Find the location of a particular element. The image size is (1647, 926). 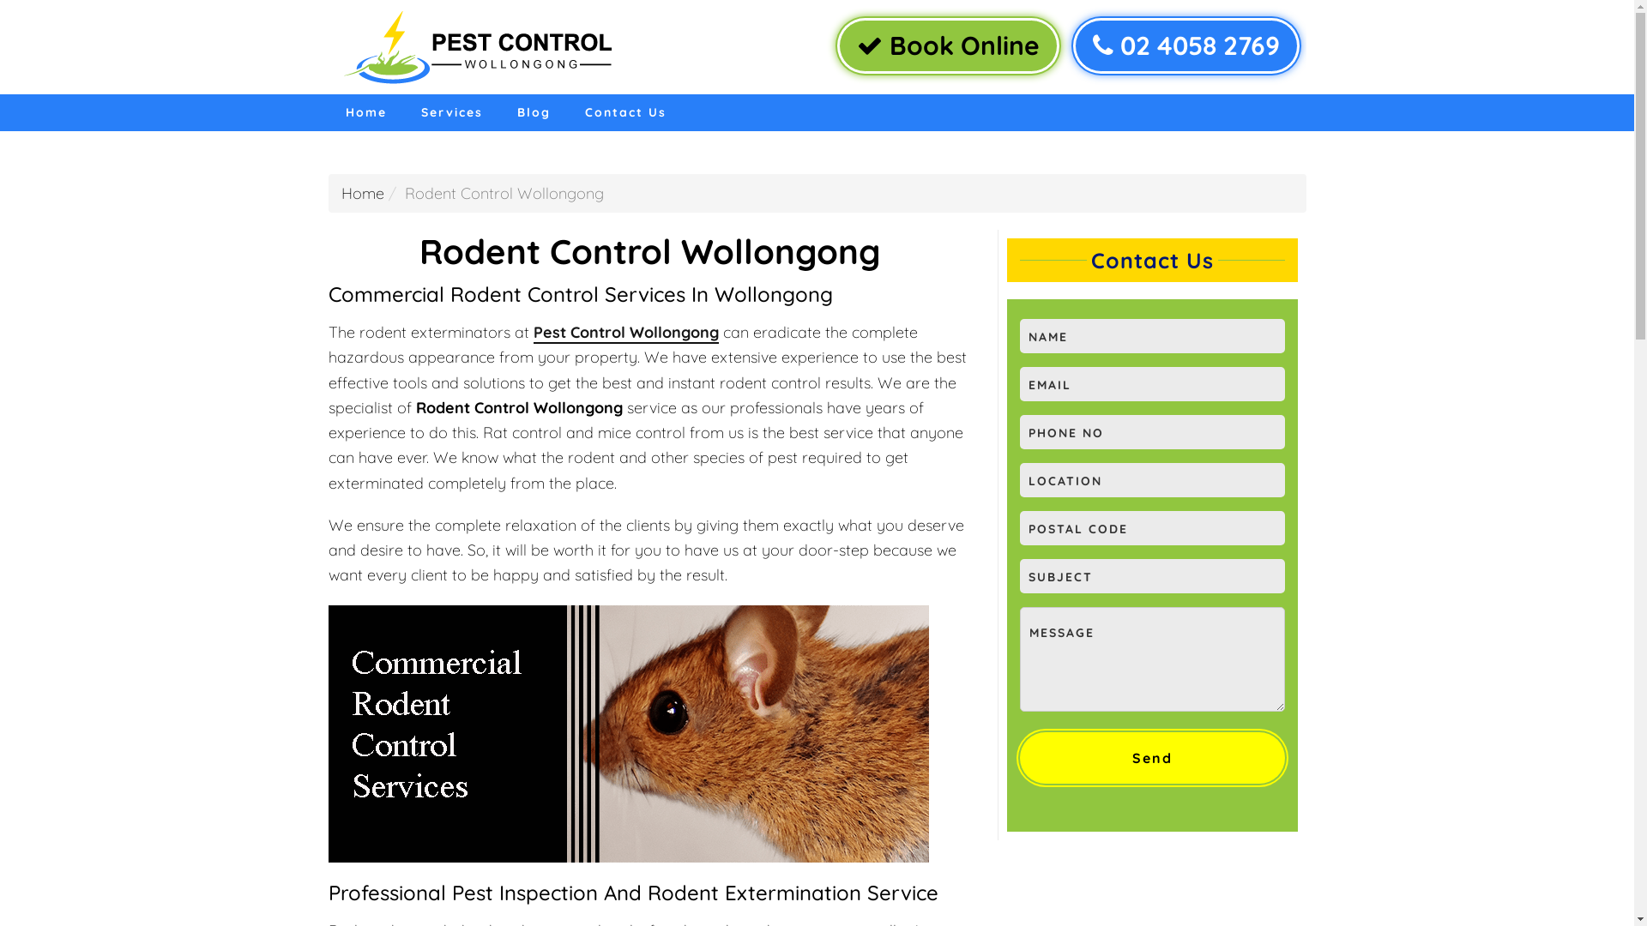

'Pest Control Wollongong' is located at coordinates (624, 333).